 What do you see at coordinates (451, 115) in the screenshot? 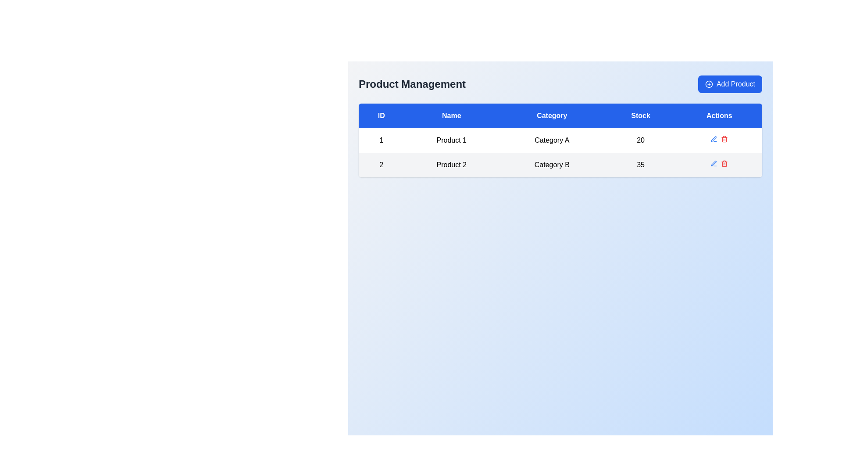
I see `the Table Header Cell that indicates the 'Name' data category, located centrally in the second column of the table header, between the 'ID' and 'Category' columns` at bounding box center [451, 115].